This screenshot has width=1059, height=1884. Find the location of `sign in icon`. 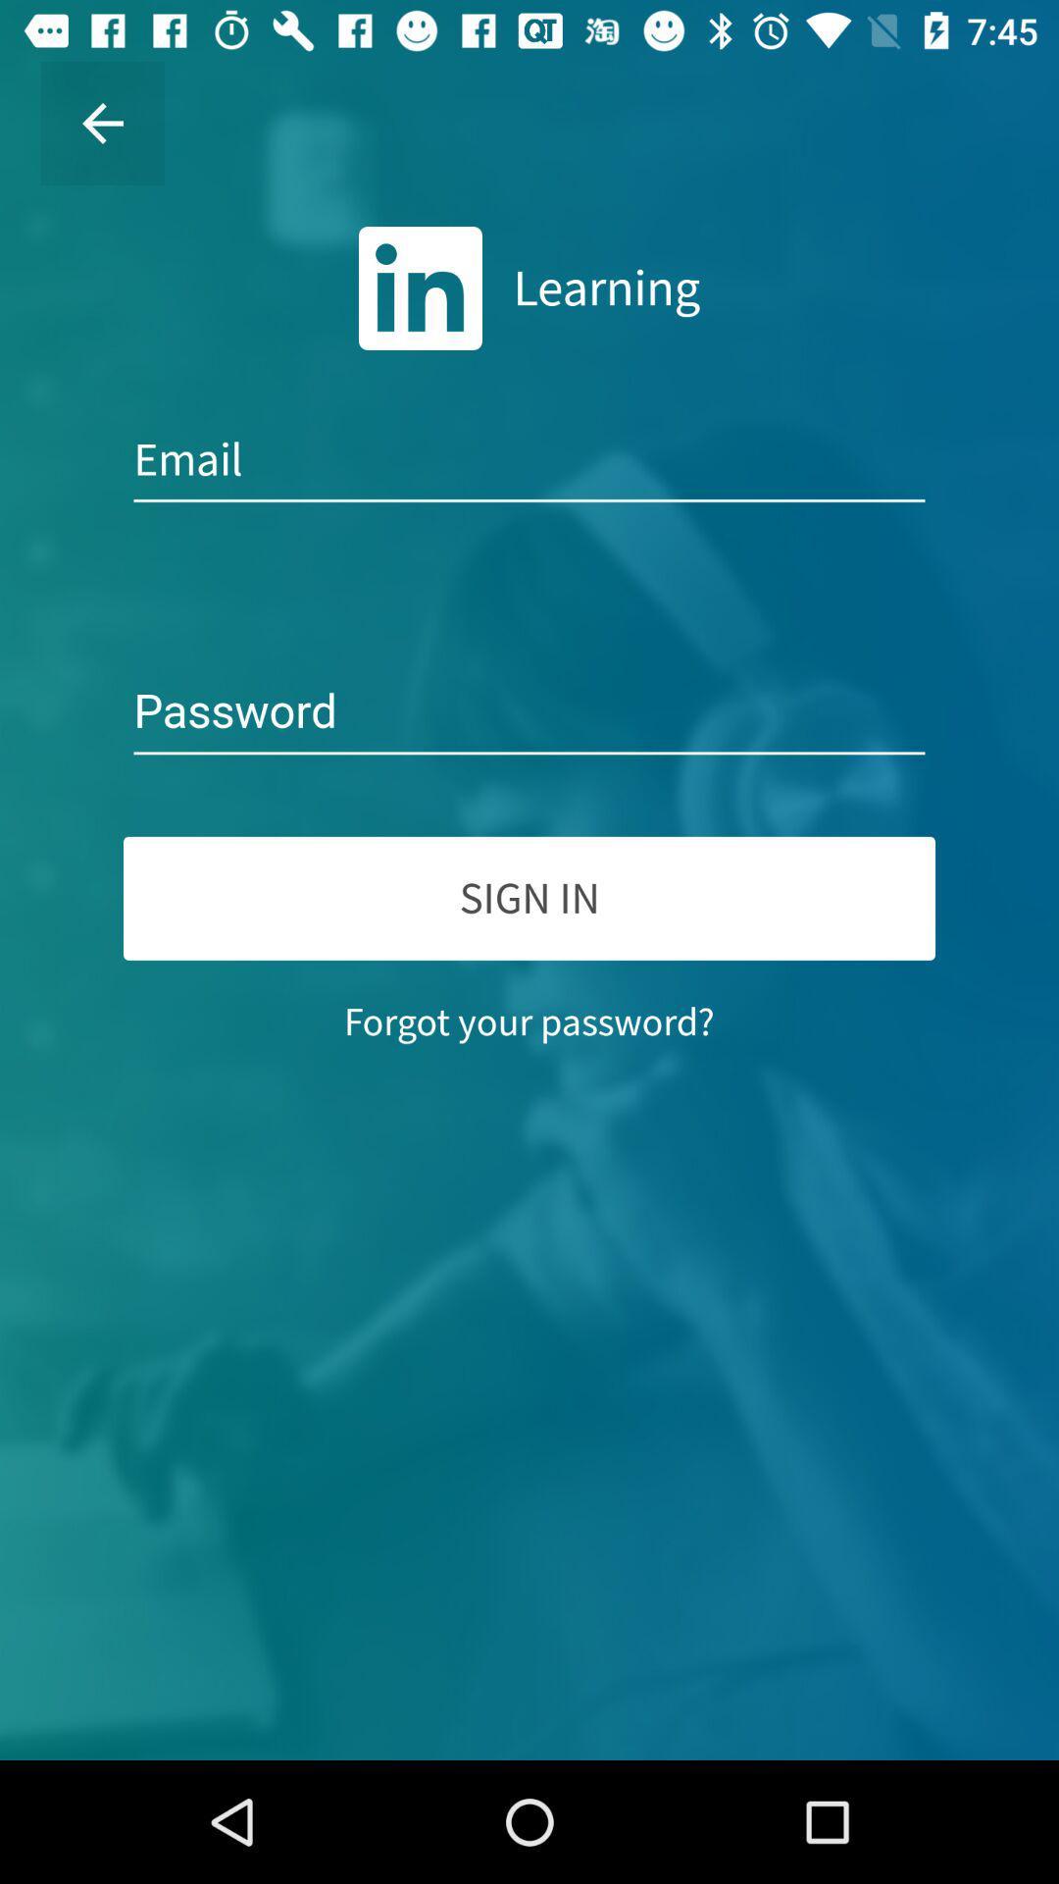

sign in icon is located at coordinates (529, 897).